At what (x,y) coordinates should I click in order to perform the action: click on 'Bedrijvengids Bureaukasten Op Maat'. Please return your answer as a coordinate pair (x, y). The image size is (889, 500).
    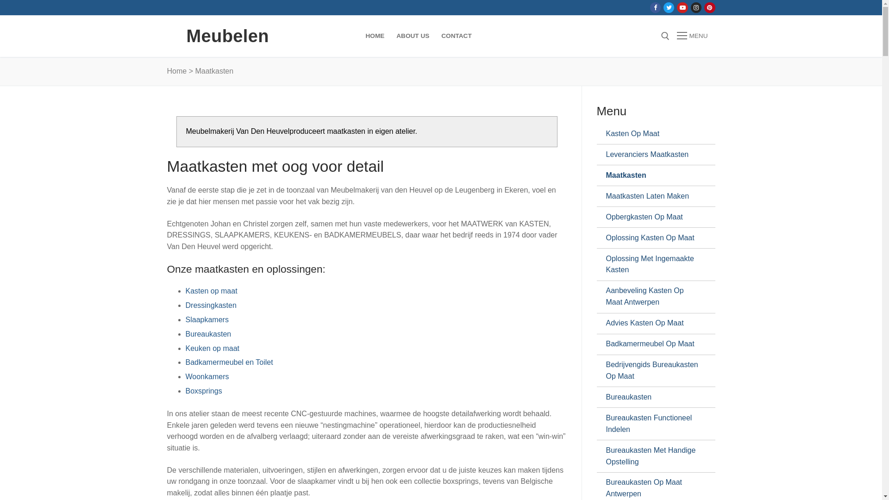
    Looking at the image, I should click on (606, 370).